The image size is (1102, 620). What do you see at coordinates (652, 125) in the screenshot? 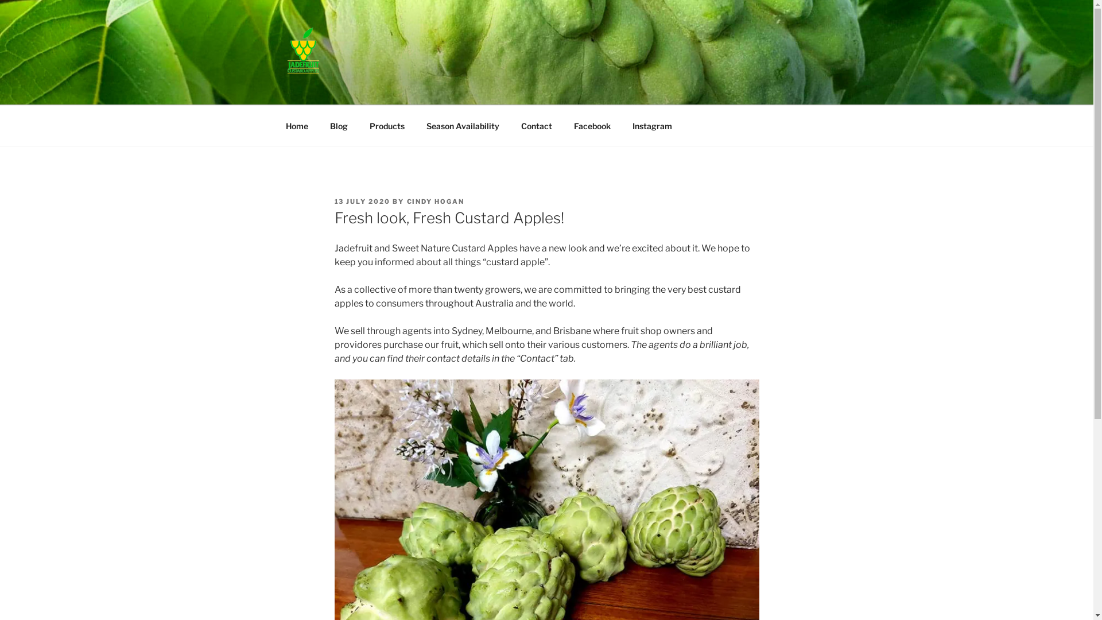
I see `'Instagram'` at bounding box center [652, 125].